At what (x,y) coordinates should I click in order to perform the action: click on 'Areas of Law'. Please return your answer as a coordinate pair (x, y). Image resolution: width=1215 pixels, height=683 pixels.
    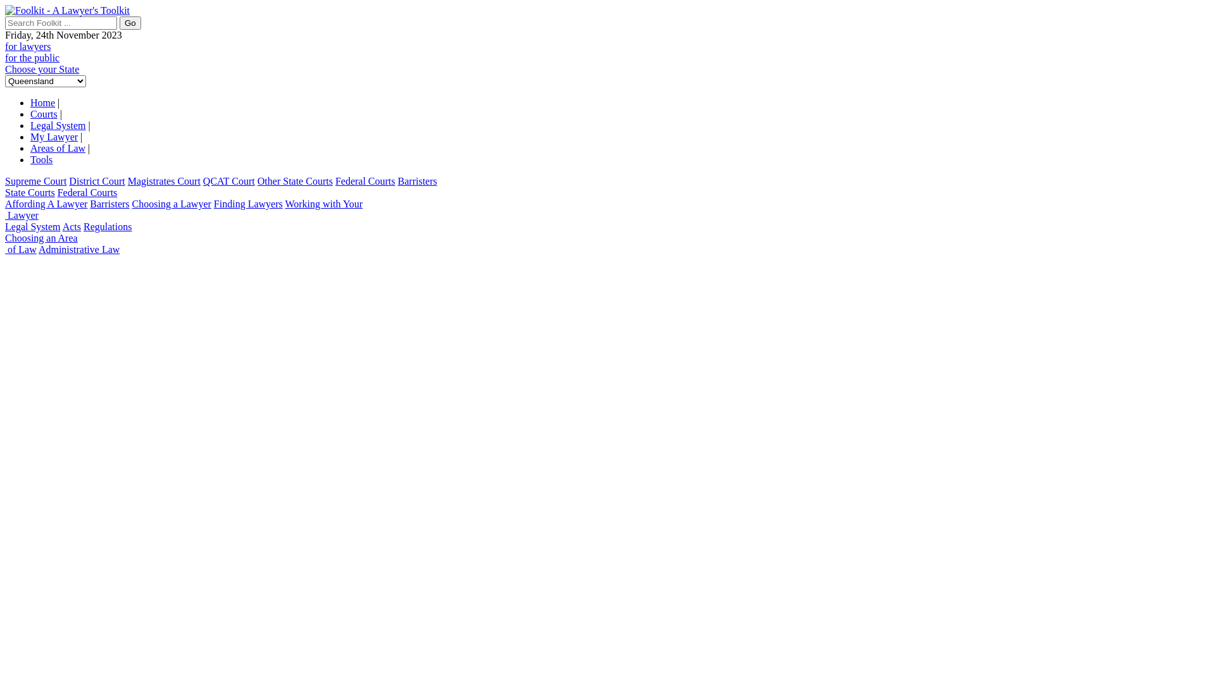
    Looking at the image, I should click on (57, 147).